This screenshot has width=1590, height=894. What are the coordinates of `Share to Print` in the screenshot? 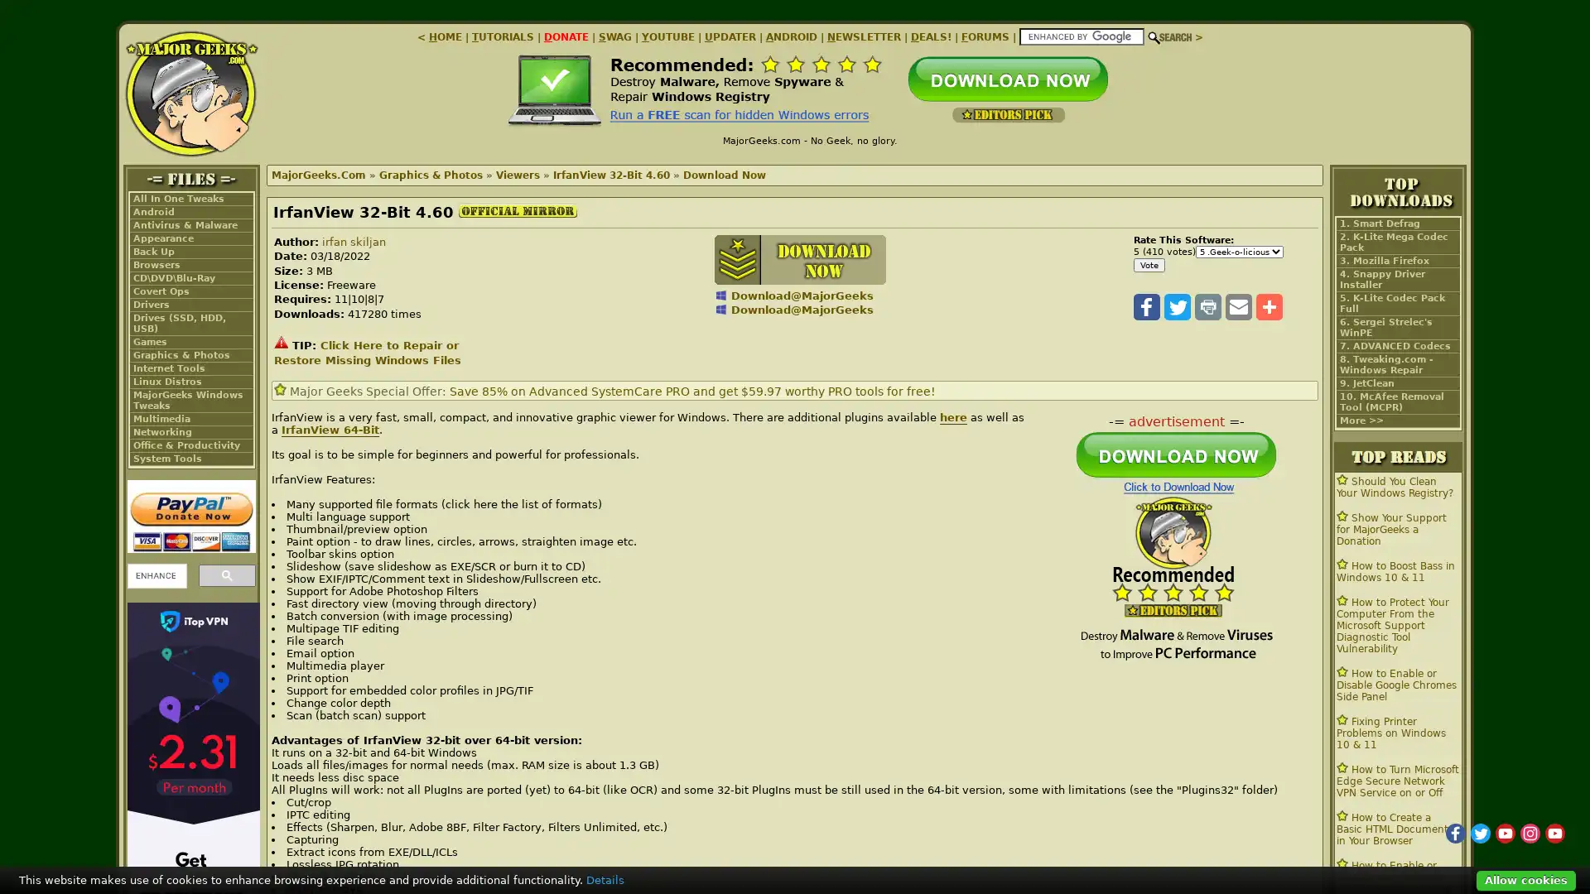 It's located at (1208, 306).